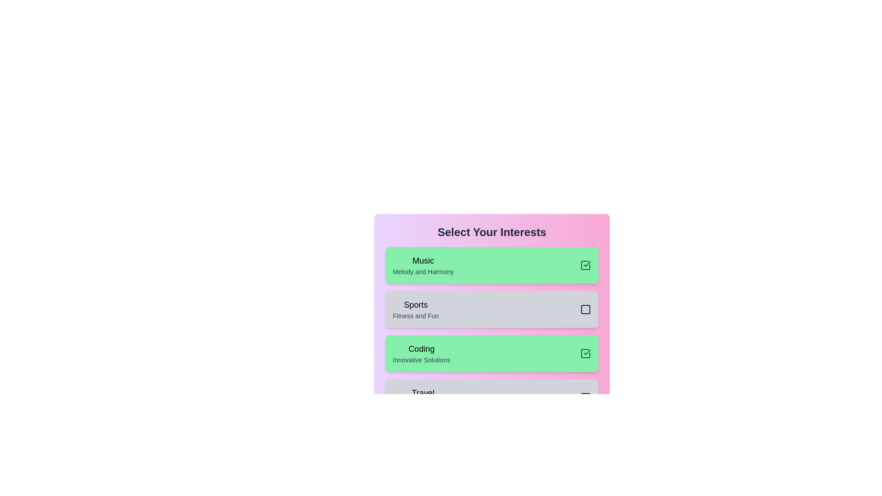 Image resolution: width=882 pixels, height=496 pixels. I want to click on the 'Select Your Interests' heading, so click(491, 231).